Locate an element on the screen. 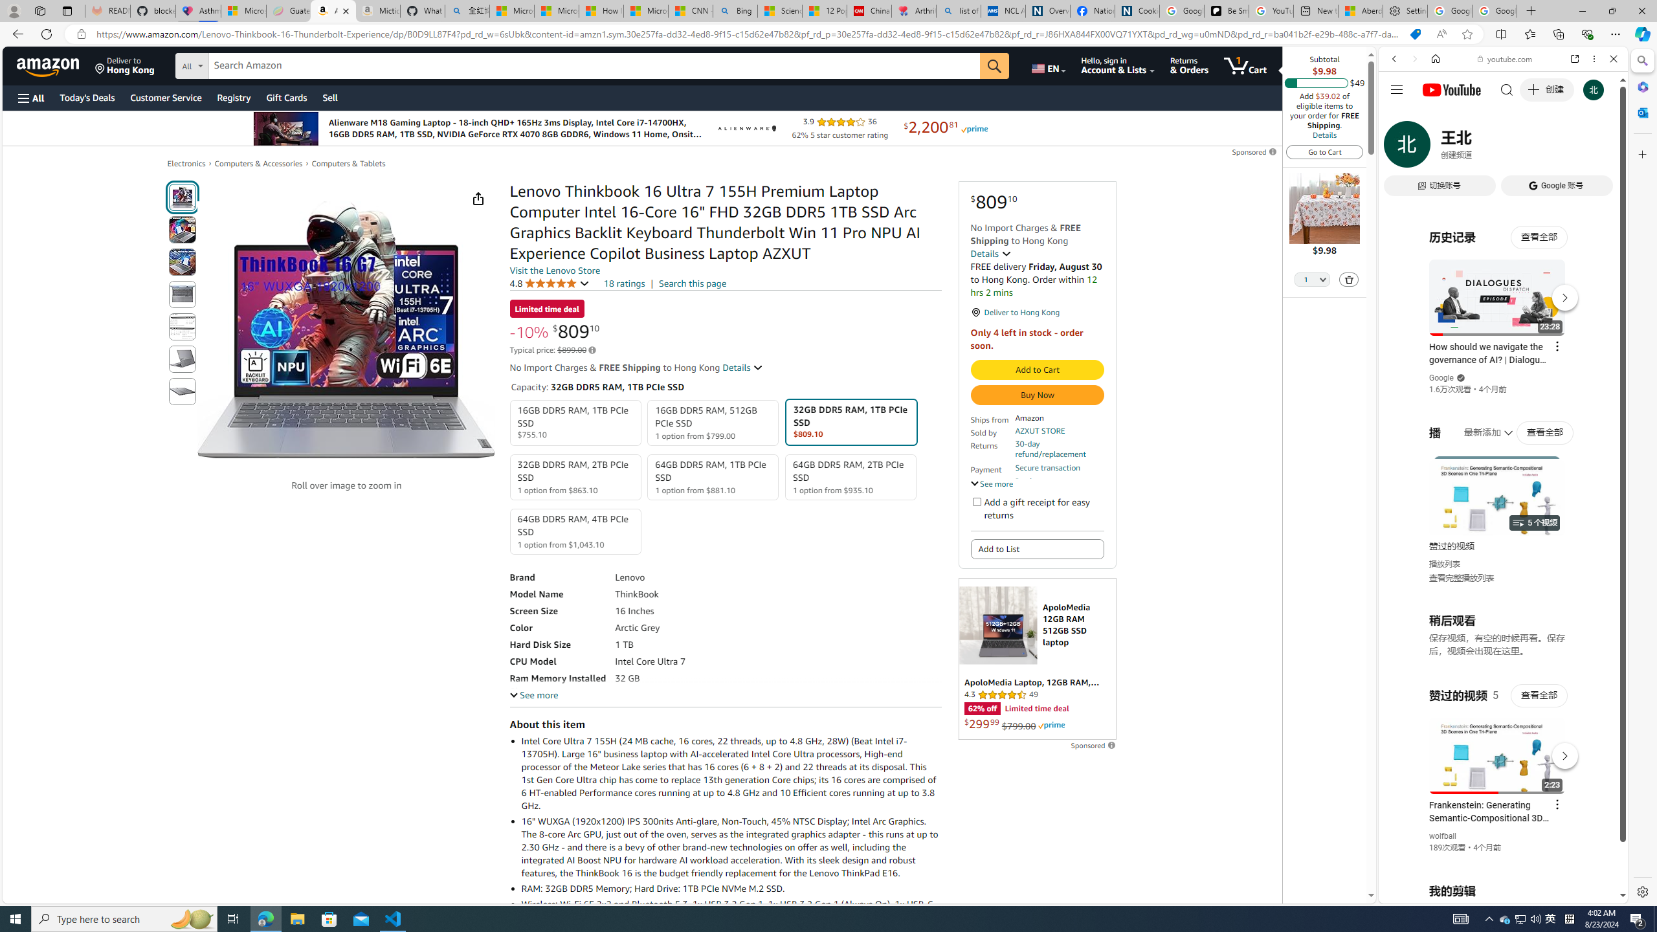 The image size is (1657, 932). 'Details ' is located at coordinates (742, 367).